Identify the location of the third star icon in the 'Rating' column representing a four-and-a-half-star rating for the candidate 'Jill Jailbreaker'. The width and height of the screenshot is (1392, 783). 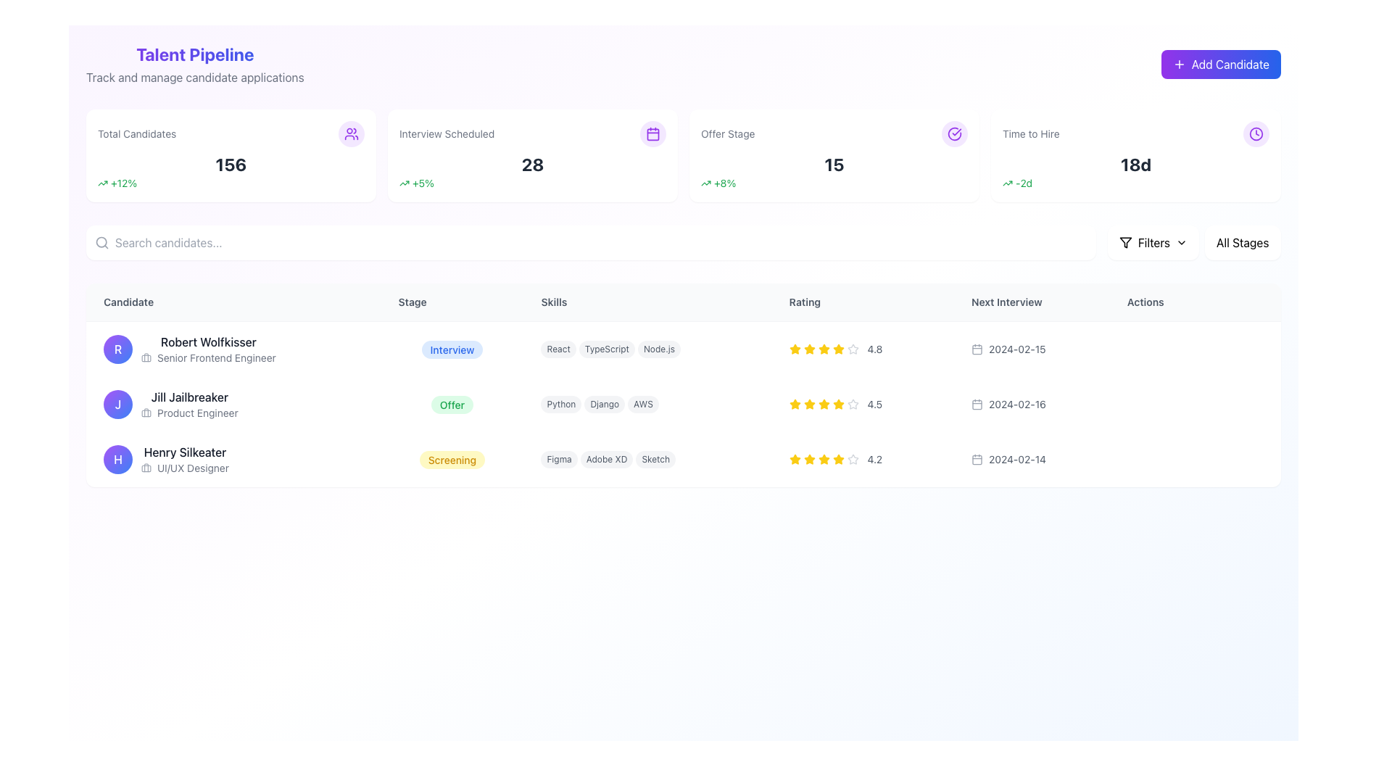
(808, 405).